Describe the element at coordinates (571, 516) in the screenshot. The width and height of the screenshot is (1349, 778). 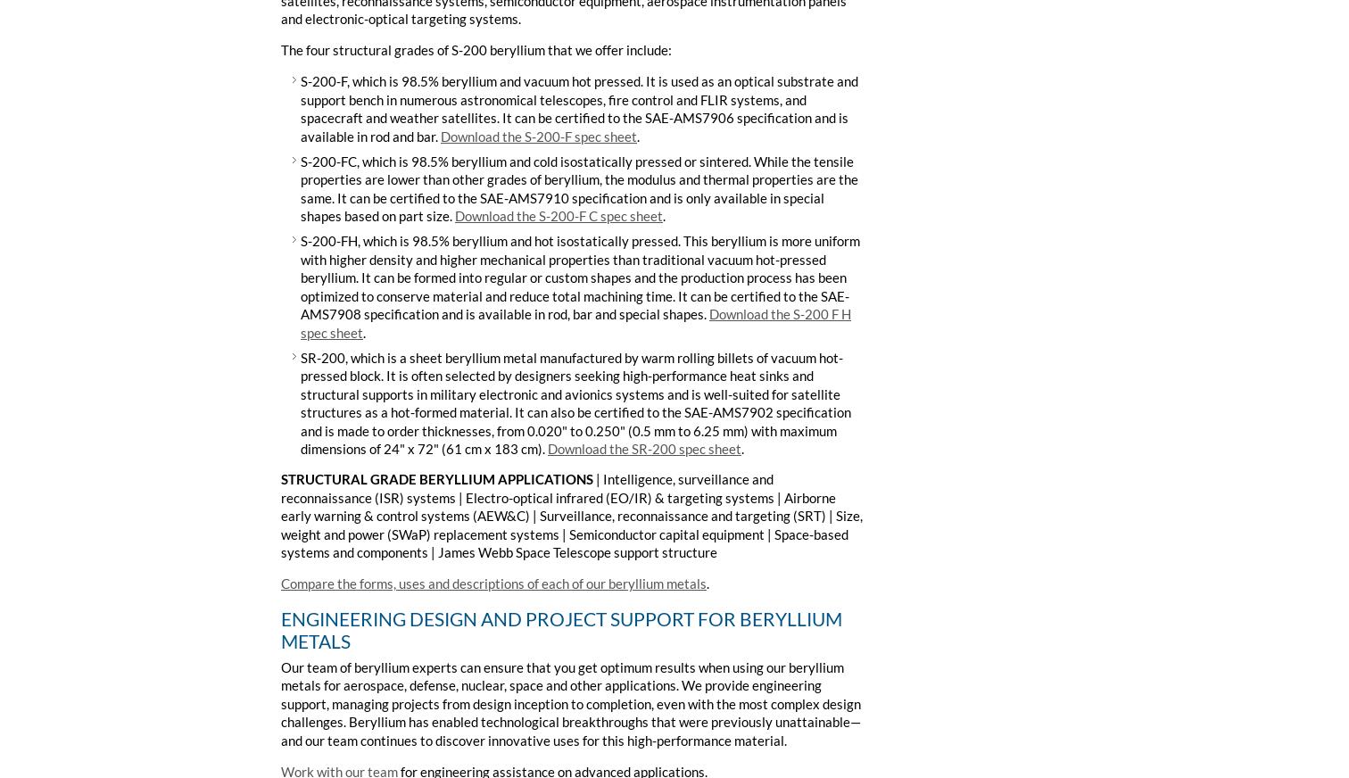
I see `'| Intelligence, surveillance and reconnaissance (ISR) systems | Electro-optical infrared (EO/IR) & targeting systems | Airborne early warning & control systems (AEW&C) | Surveillance, reconnaissance and targeting (SRT) | Size, weight and power (SWaP) replacement systems | Semiconductor capital equipment | Space-based systems and components | James Webb Space Telescope support structure'` at that location.